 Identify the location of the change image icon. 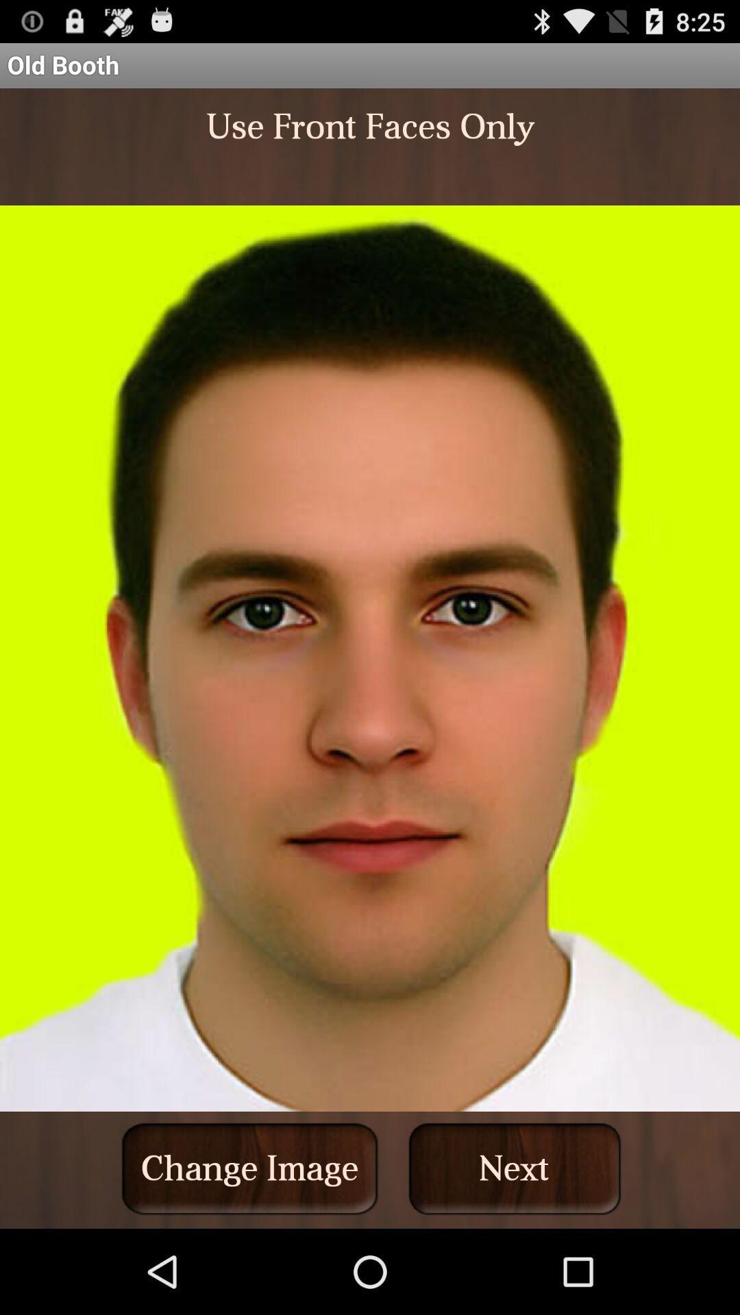
(249, 1168).